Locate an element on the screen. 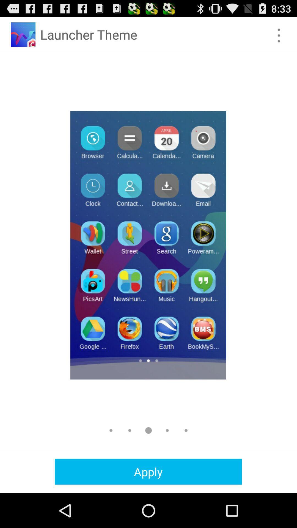 The height and width of the screenshot is (528, 297). options button is located at coordinates (279, 35).